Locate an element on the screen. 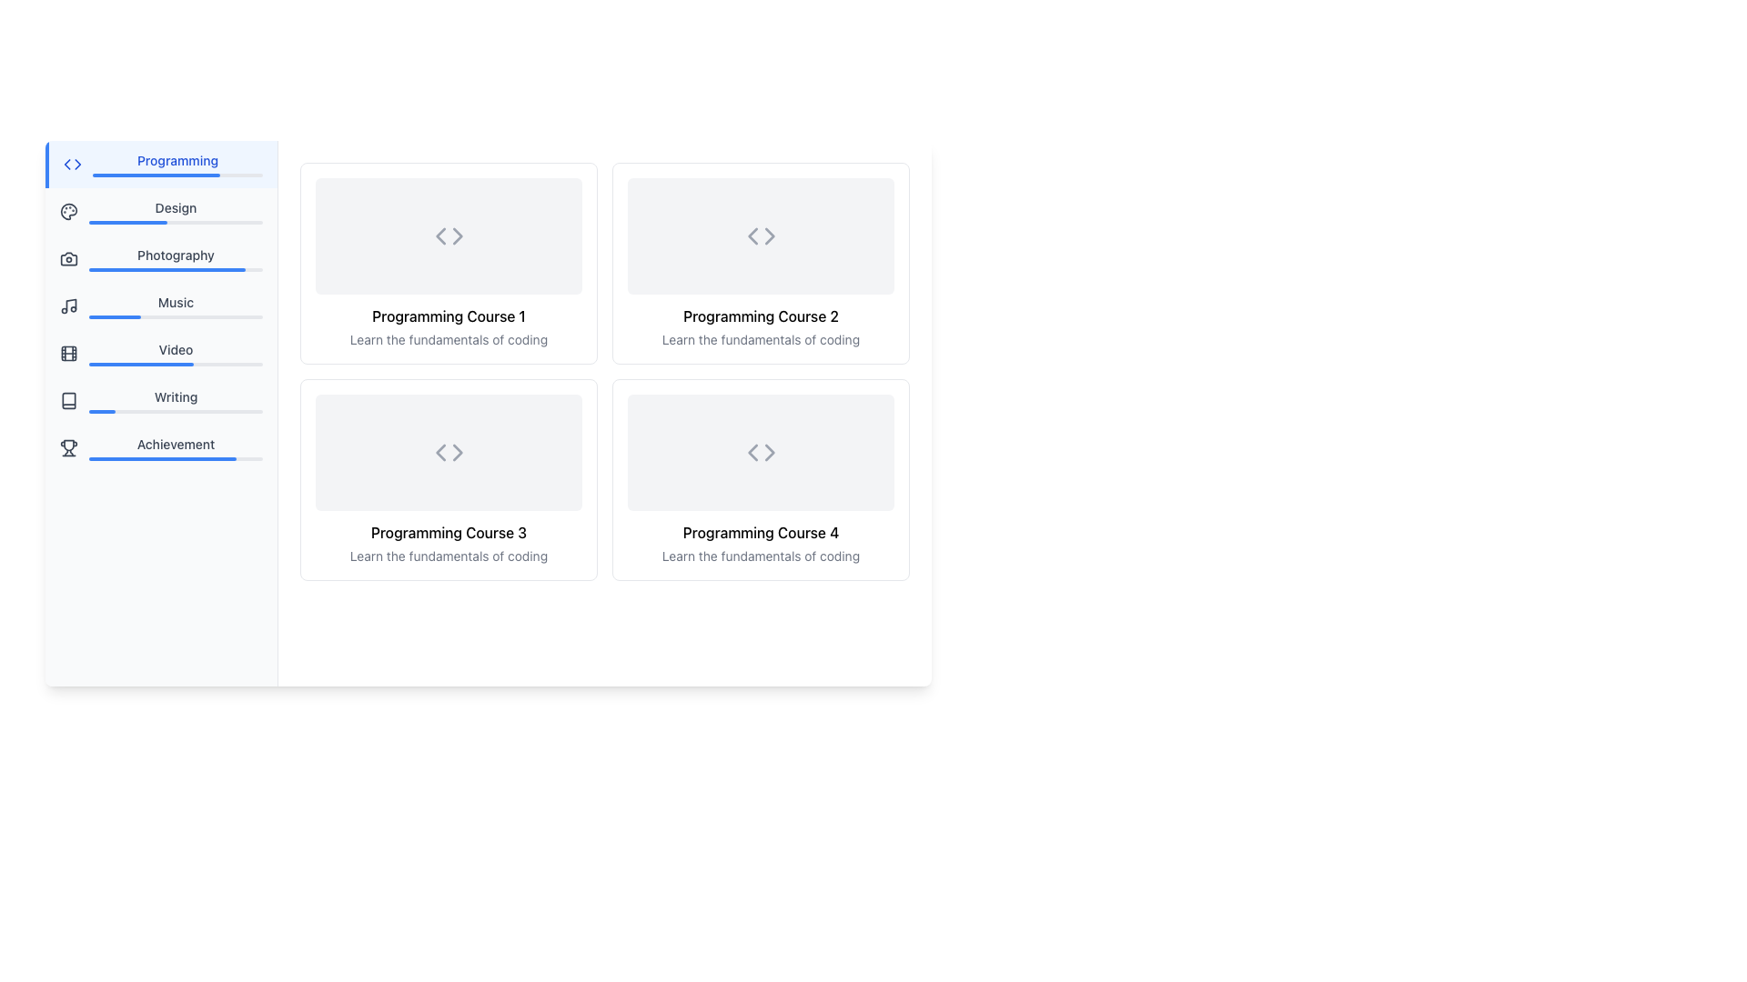 This screenshot has width=1747, height=982. the text label displaying the title of the programming course located in the bottom right quadrant of the grid layout, specifically in the second column of the second row is located at coordinates (761, 532).